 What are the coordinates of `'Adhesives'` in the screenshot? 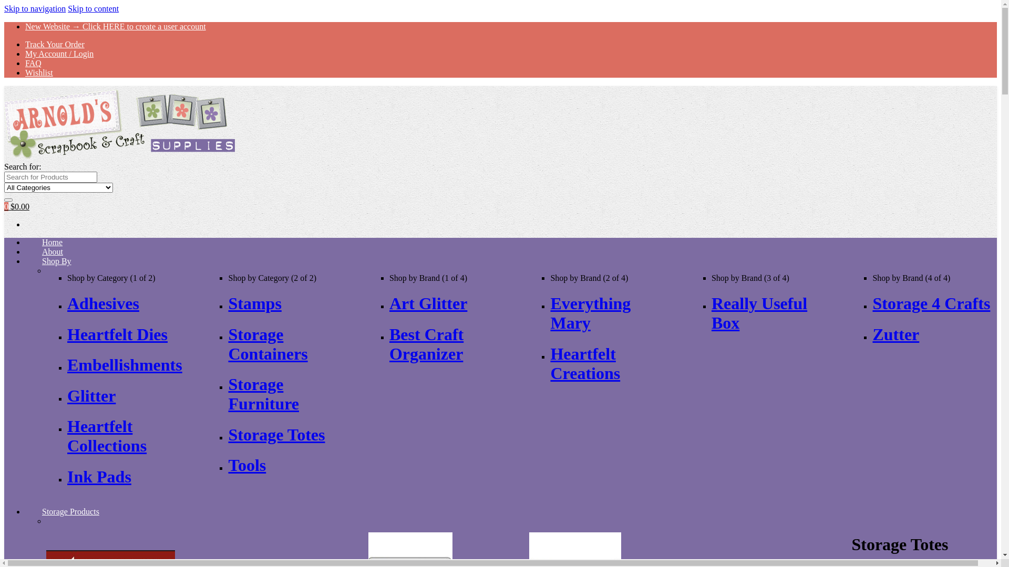 It's located at (103, 303).